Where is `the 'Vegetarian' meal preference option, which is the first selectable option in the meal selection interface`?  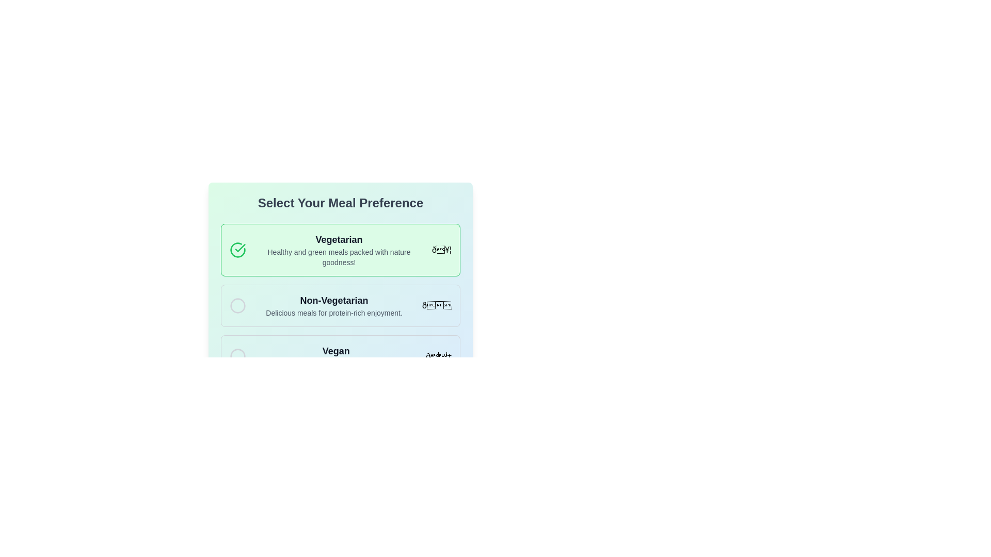
the 'Vegetarian' meal preference option, which is the first selectable option in the meal selection interface is located at coordinates (341, 263).